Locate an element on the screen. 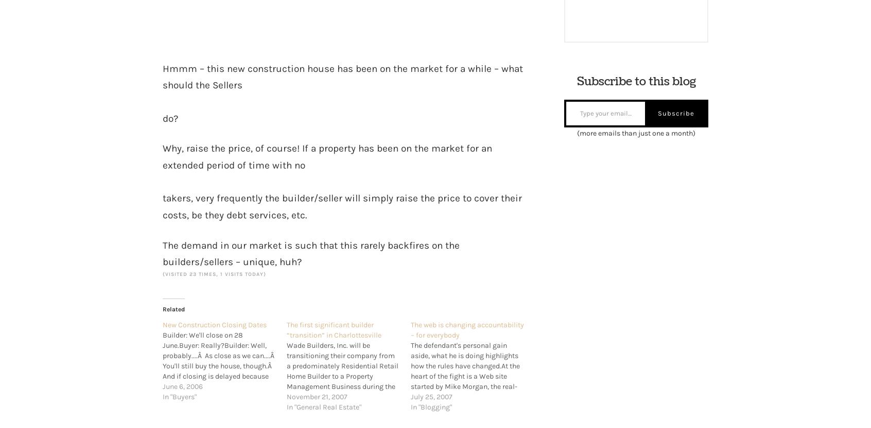 The width and height of the screenshot is (871, 428). '(more emails than just one a month)' is located at coordinates (636, 133).